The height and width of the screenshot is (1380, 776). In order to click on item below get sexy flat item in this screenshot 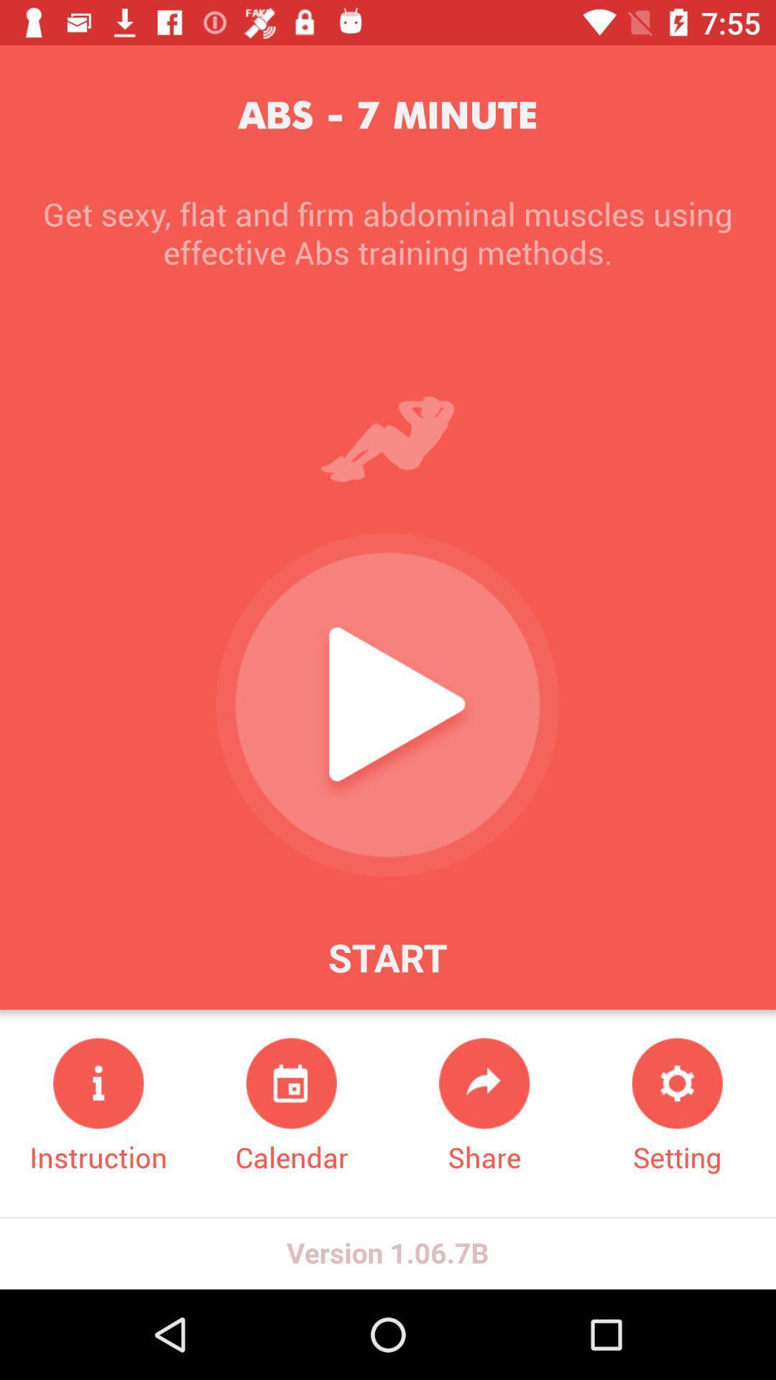, I will do `click(677, 1106)`.